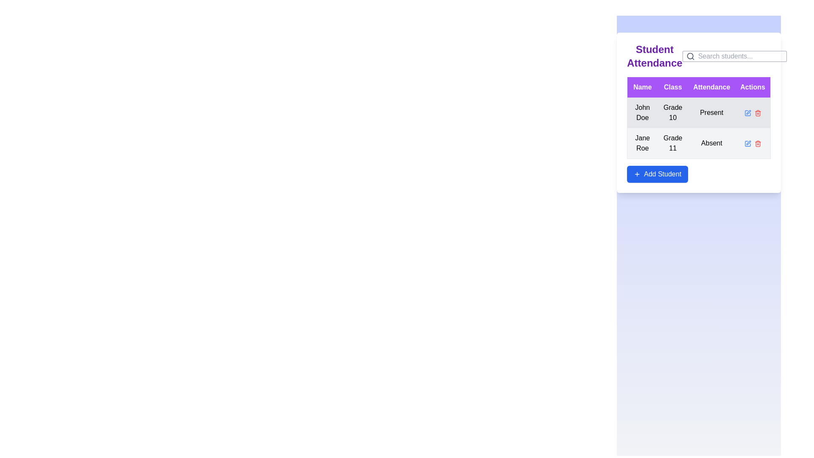  I want to click on the blue pen icon in the 'Actions' column associated with 'Jane Roe', so click(748, 112).